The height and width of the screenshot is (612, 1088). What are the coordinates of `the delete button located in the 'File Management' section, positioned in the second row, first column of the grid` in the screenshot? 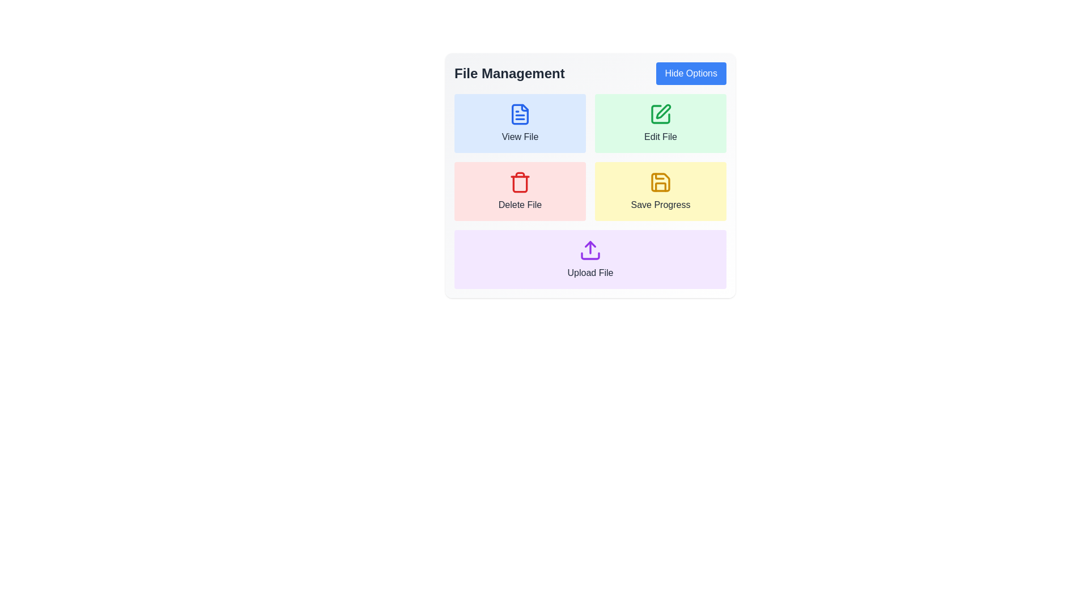 It's located at (519, 191).